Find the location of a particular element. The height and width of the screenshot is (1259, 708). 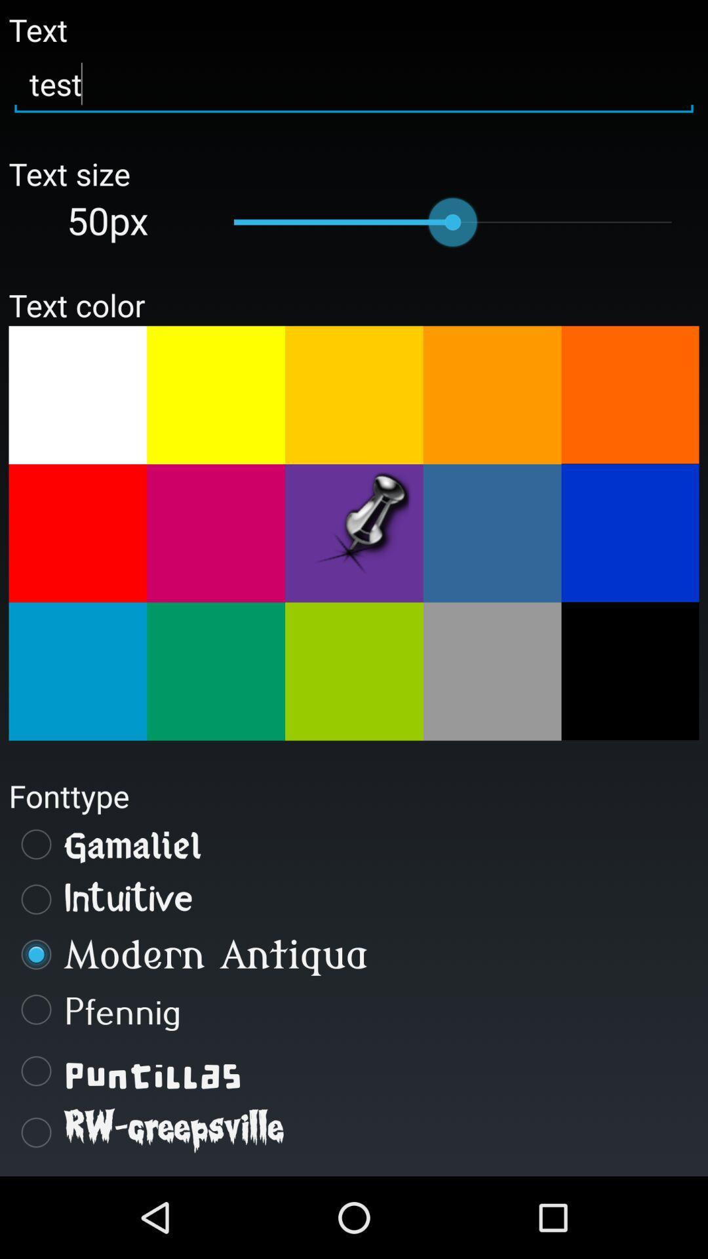

a choice for a text color is located at coordinates (77, 394).